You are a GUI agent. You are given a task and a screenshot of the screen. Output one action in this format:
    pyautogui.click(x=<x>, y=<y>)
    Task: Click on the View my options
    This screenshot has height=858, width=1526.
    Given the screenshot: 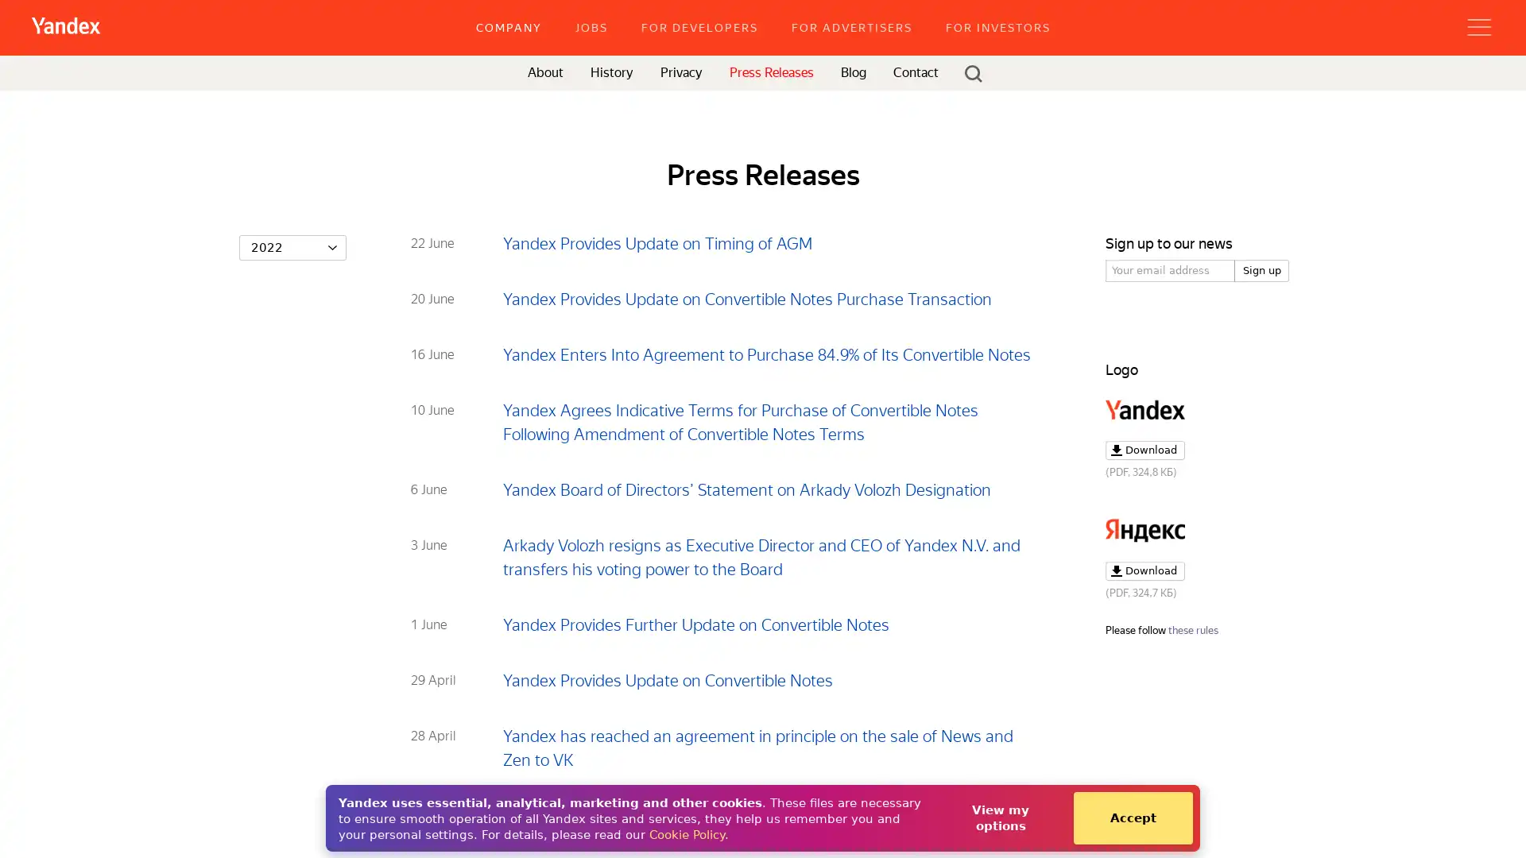 What is the action you would take?
    pyautogui.click(x=999, y=817)
    